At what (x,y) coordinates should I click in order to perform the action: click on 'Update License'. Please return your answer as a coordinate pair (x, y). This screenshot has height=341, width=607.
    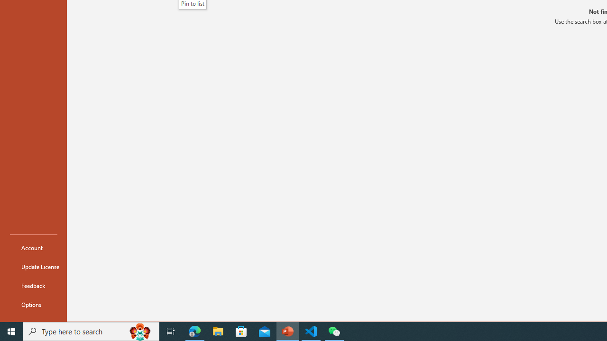
    Looking at the image, I should click on (34, 267).